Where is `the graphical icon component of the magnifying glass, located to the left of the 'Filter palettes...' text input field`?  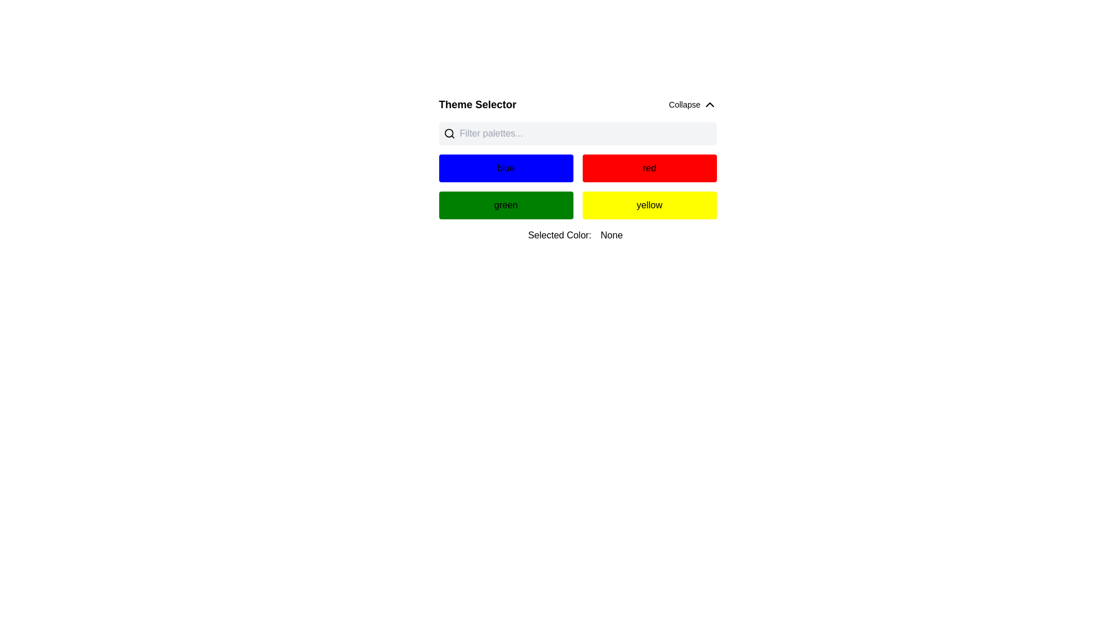
the graphical icon component of the magnifying glass, located to the left of the 'Filter palettes...' text input field is located at coordinates (448, 133).